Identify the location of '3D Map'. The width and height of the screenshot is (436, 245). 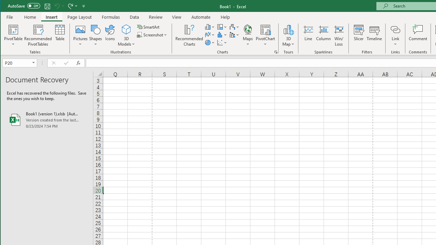
(288, 35).